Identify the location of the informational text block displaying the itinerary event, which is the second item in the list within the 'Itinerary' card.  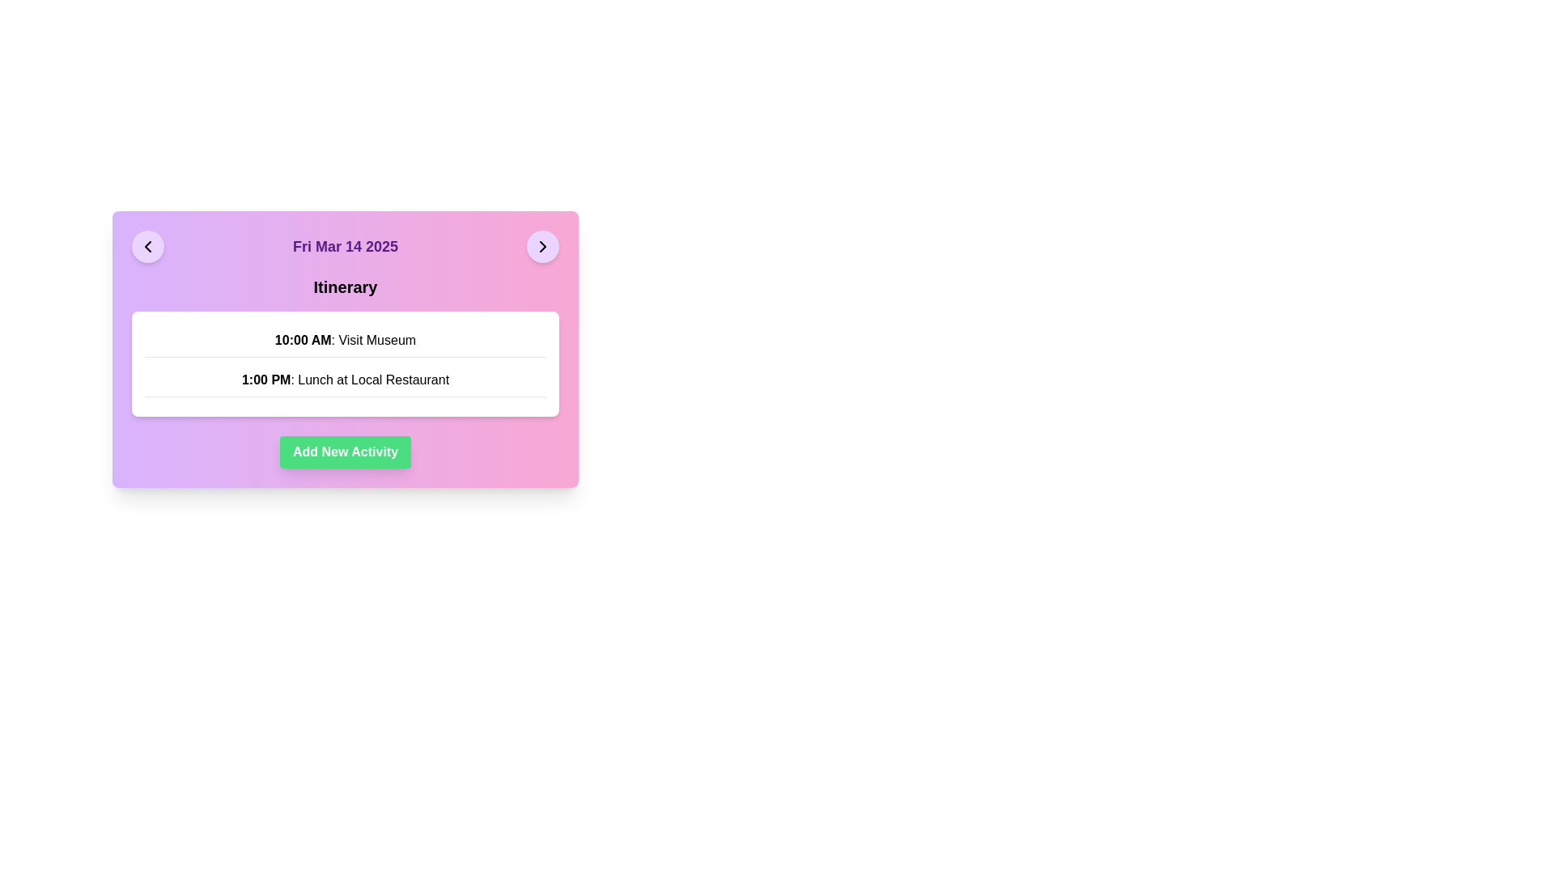
(345, 380).